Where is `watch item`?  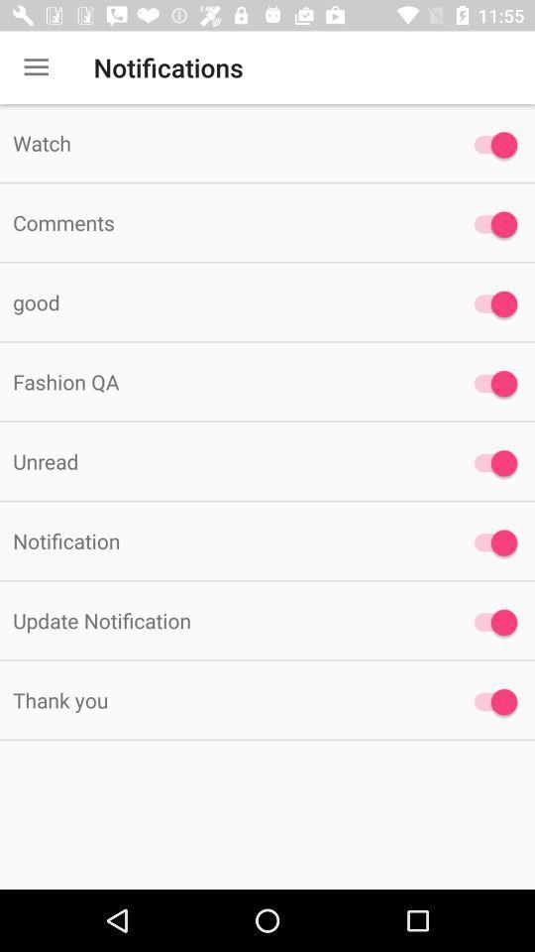
watch item is located at coordinates (222, 142).